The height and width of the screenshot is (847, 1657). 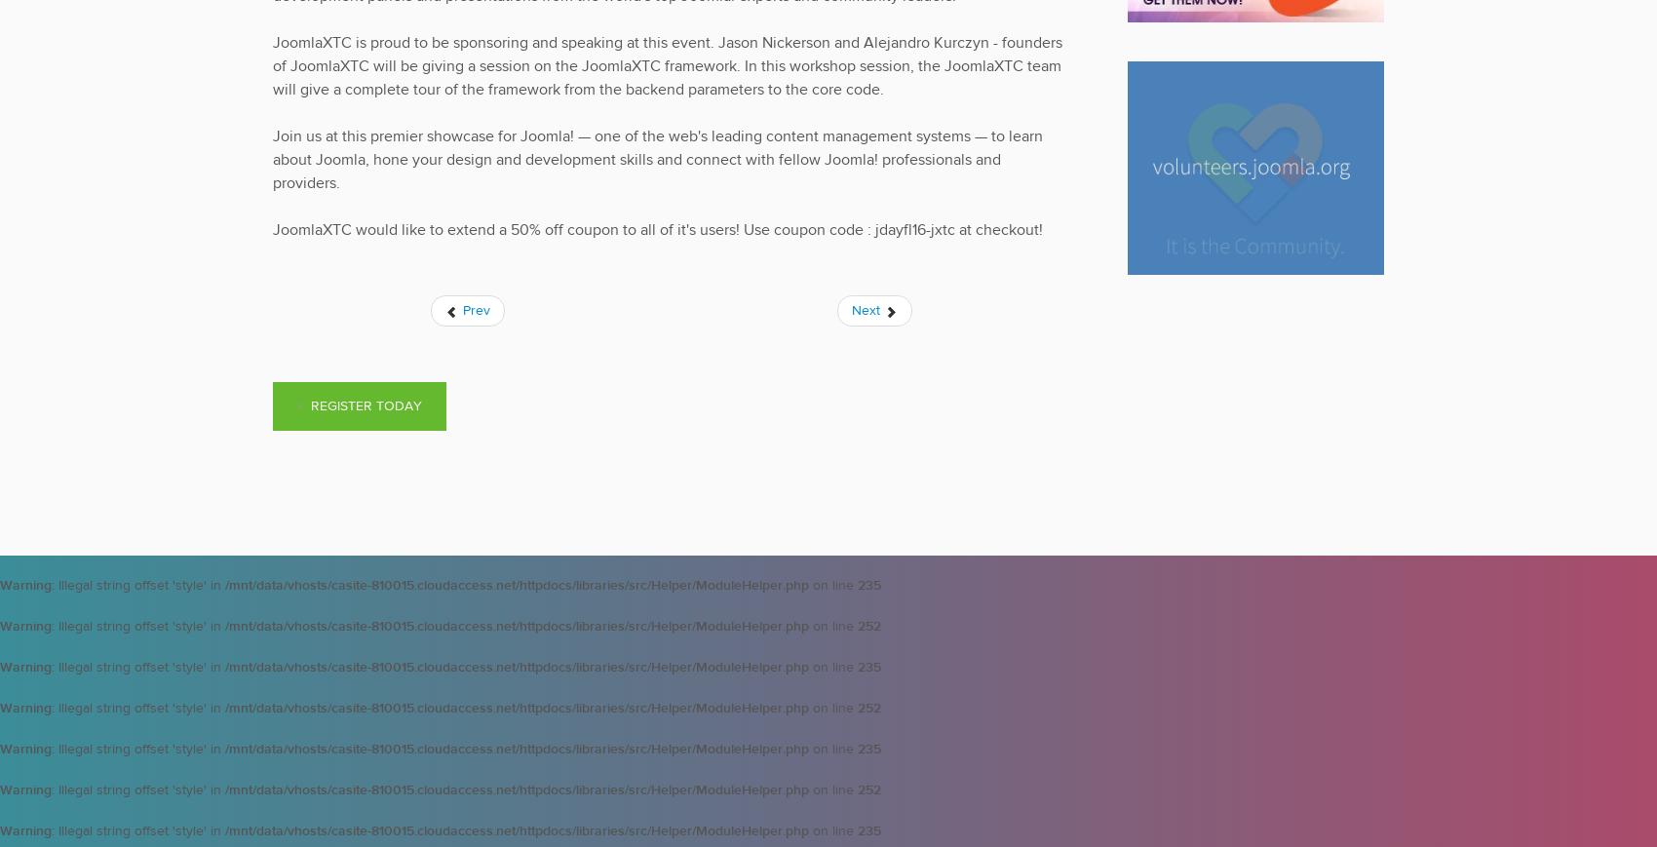 What do you see at coordinates (366, 405) in the screenshot?
I see `'Register Today'` at bounding box center [366, 405].